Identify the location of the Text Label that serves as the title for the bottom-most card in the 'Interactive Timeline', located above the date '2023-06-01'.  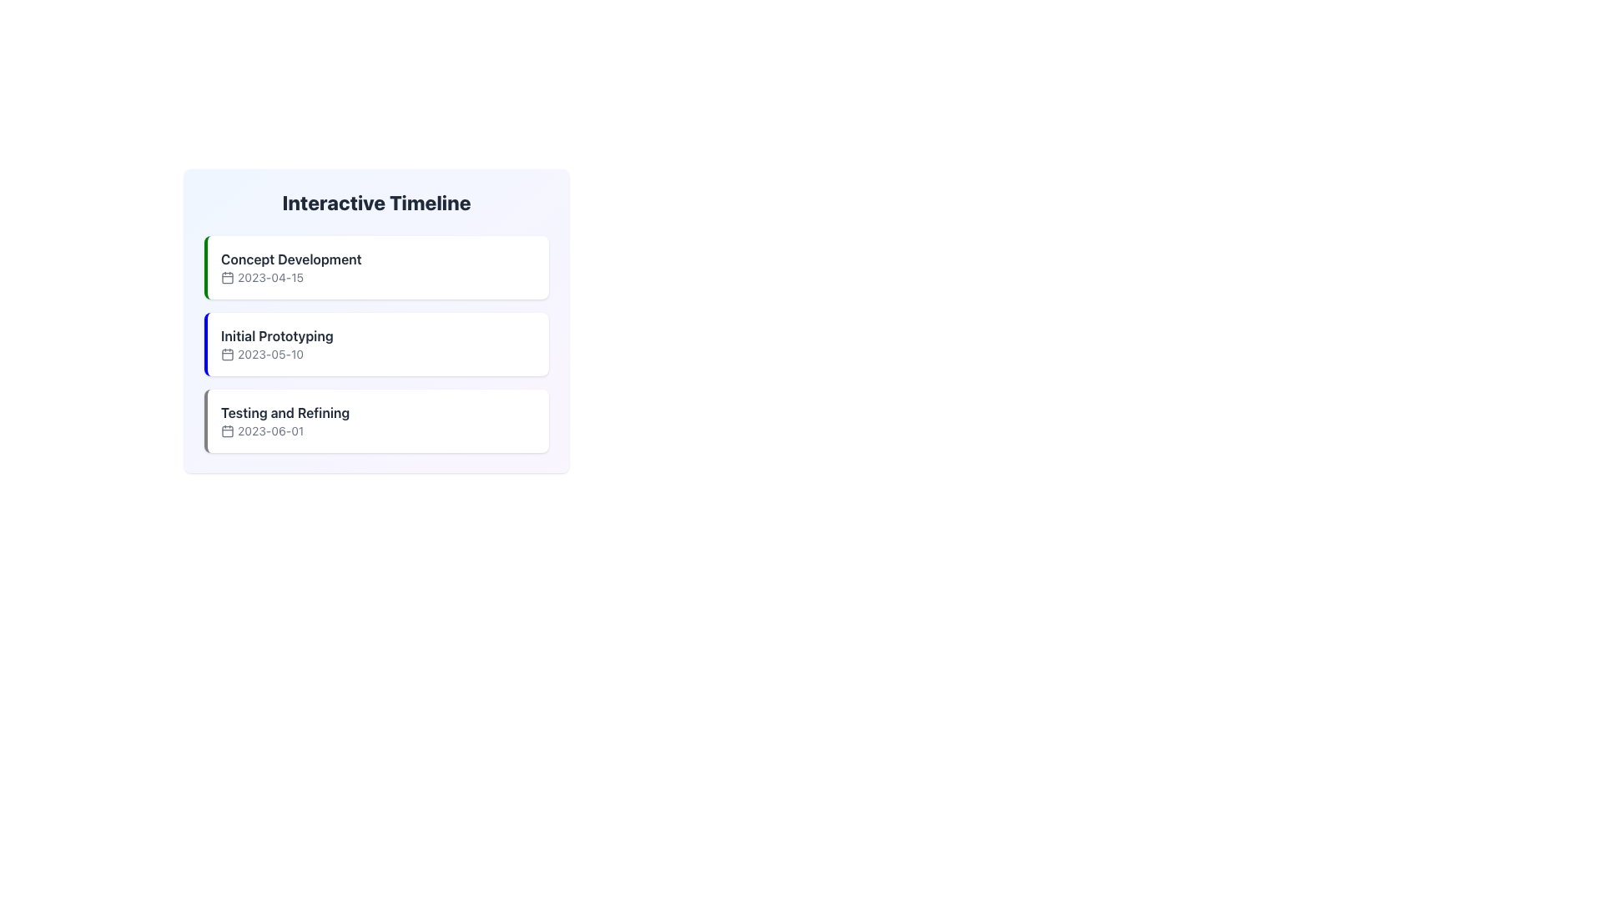
(285, 412).